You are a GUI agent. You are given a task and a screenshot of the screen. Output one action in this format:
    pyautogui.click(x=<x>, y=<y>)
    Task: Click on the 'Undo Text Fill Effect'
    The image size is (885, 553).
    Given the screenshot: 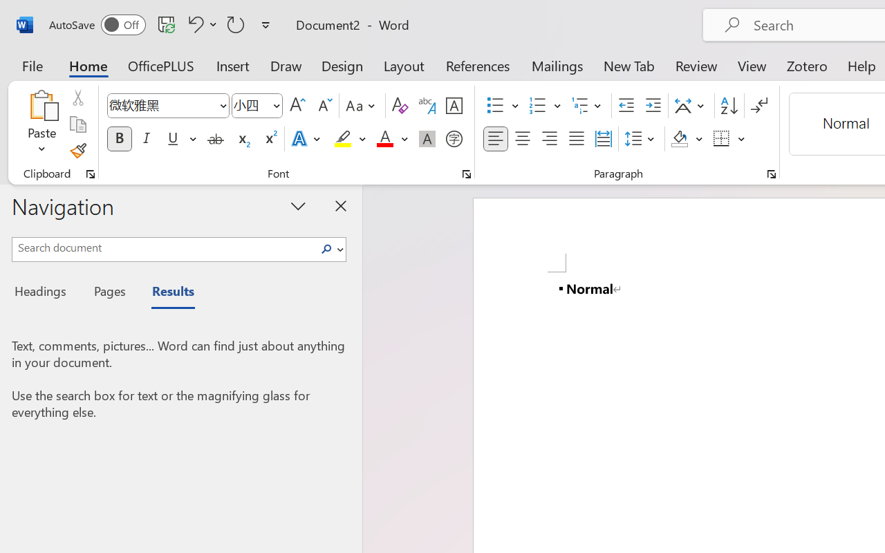 What is the action you would take?
    pyautogui.click(x=193, y=24)
    